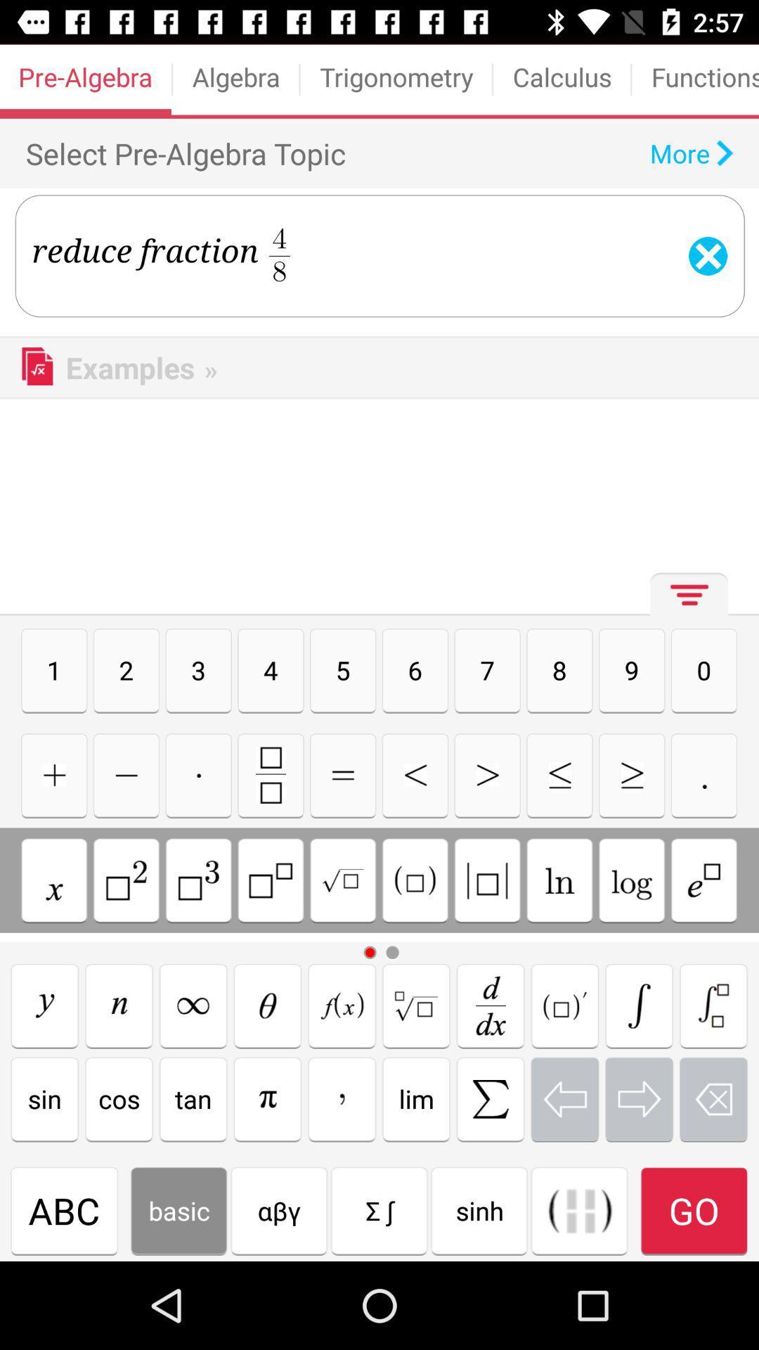 This screenshot has height=1350, width=759. What do you see at coordinates (271, 880) in the screenshot?
I see `raise to a power` at bounding box center [271, 880].